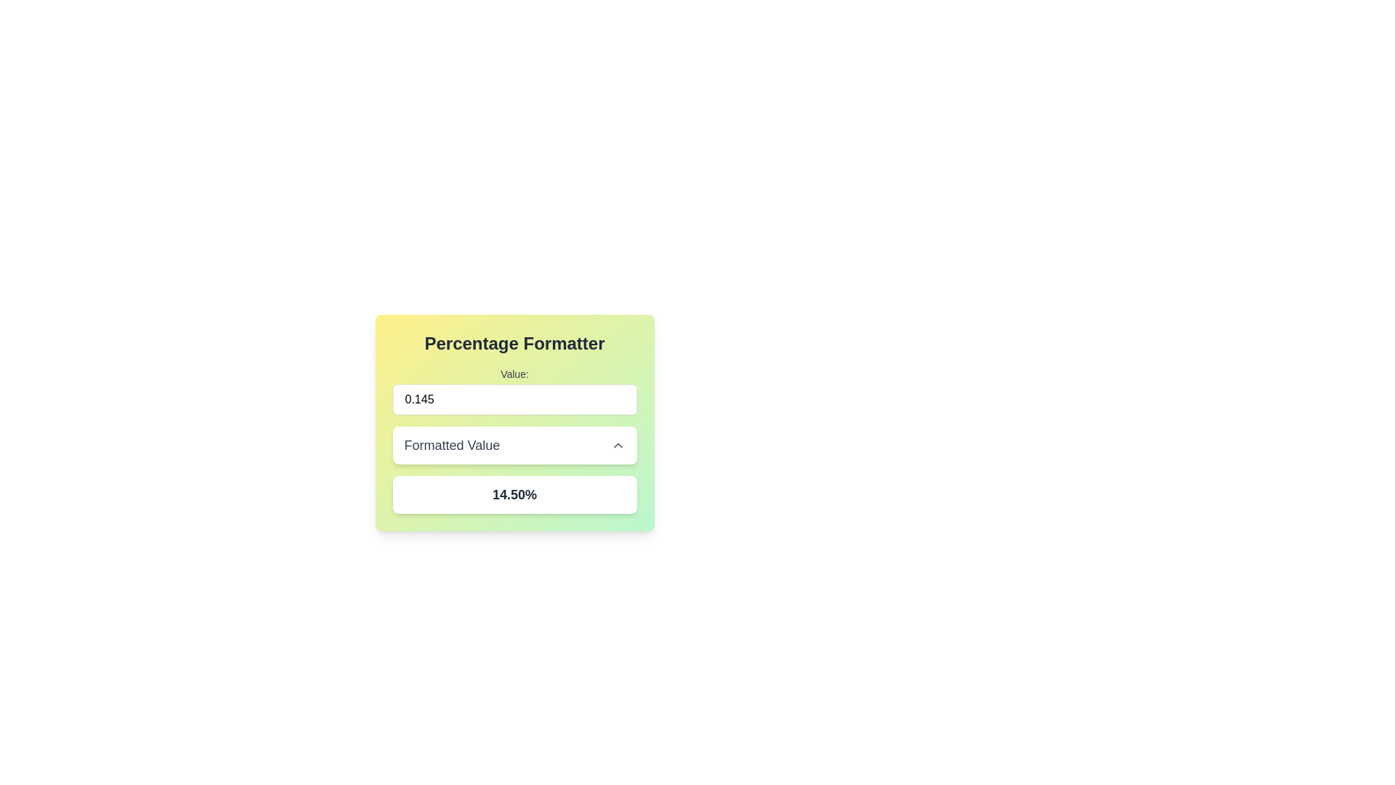 This screenshot has width=1395, height=785. I want to click on the Dropdown menu labeled 'Formatted Value' located in the 'Percentage Formatter' card, so click(514, 439).